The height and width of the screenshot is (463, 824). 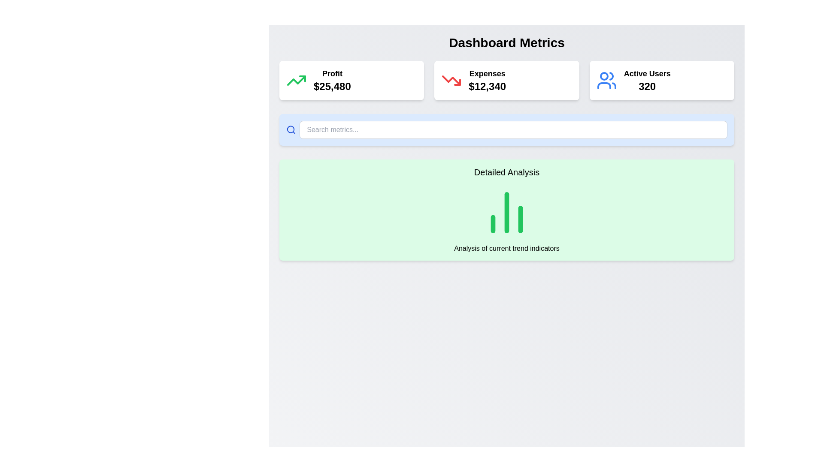 I want to click on text displayed in the 'Active Users' metric box located at the upper-right corner of the dashboard interface, so click(x=647, y=81).